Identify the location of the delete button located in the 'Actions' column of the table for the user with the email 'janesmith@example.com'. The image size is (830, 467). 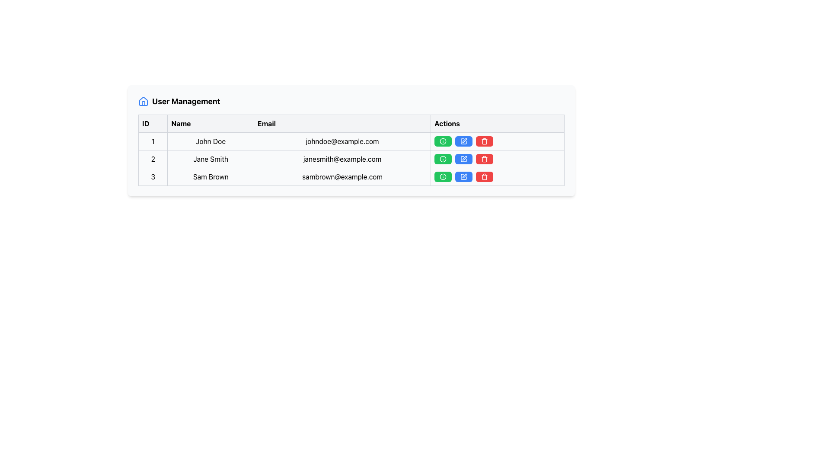
(485, 159).